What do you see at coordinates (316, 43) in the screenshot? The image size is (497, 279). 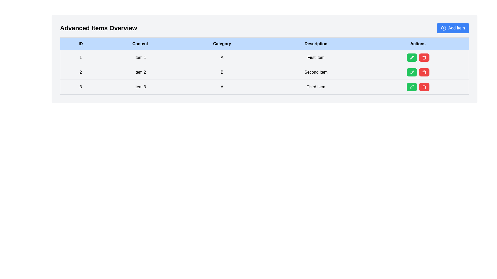 I see `the table header cell labeled 'Description', which has a light blue background and black text, and is the fourth column in the header row of the table` at bounding box center [316, 43].